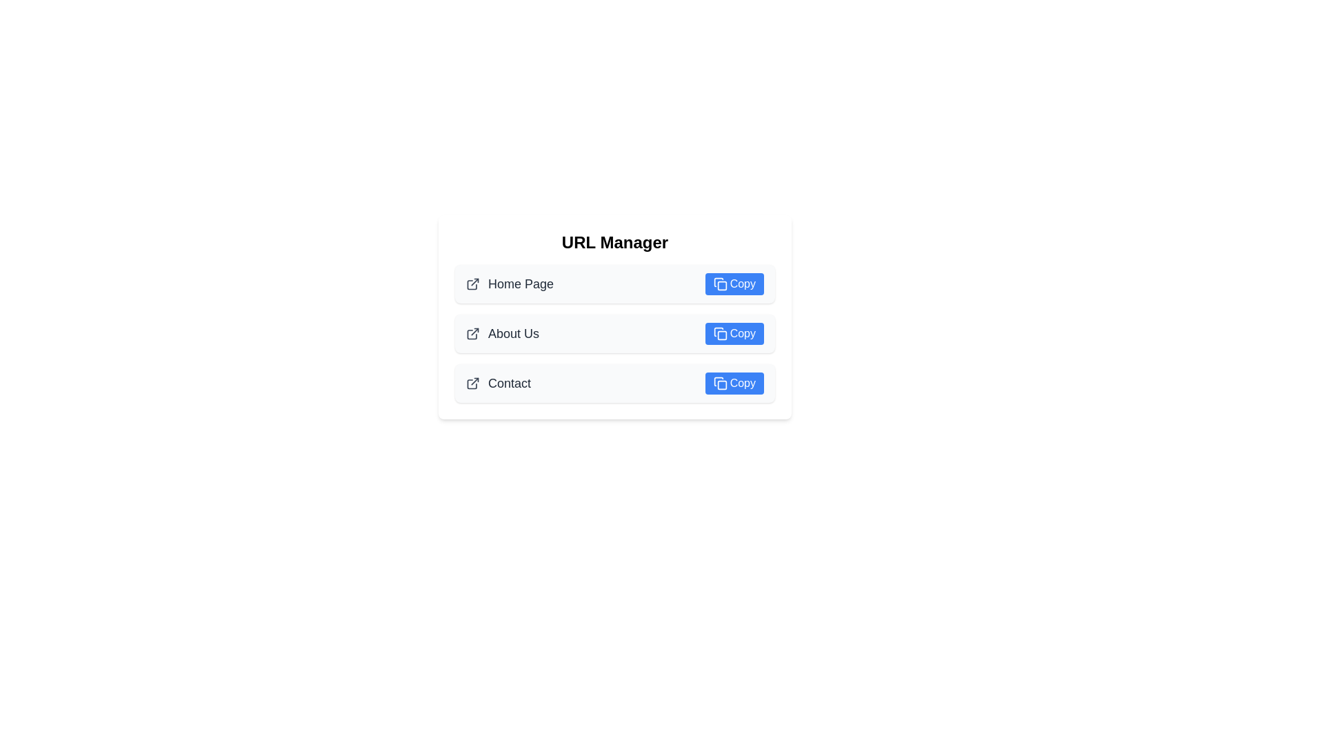 This screenshot has height=745, width=1324. What do you see at coordinates (509, 383) in the screenshot?
I see `the text label reading 'Contact' which is styled with a medium gray font on a white background, positioned below 'About Us' and above a 'Copy' button in the lower section of the central card` at bounding box center [509, 383].